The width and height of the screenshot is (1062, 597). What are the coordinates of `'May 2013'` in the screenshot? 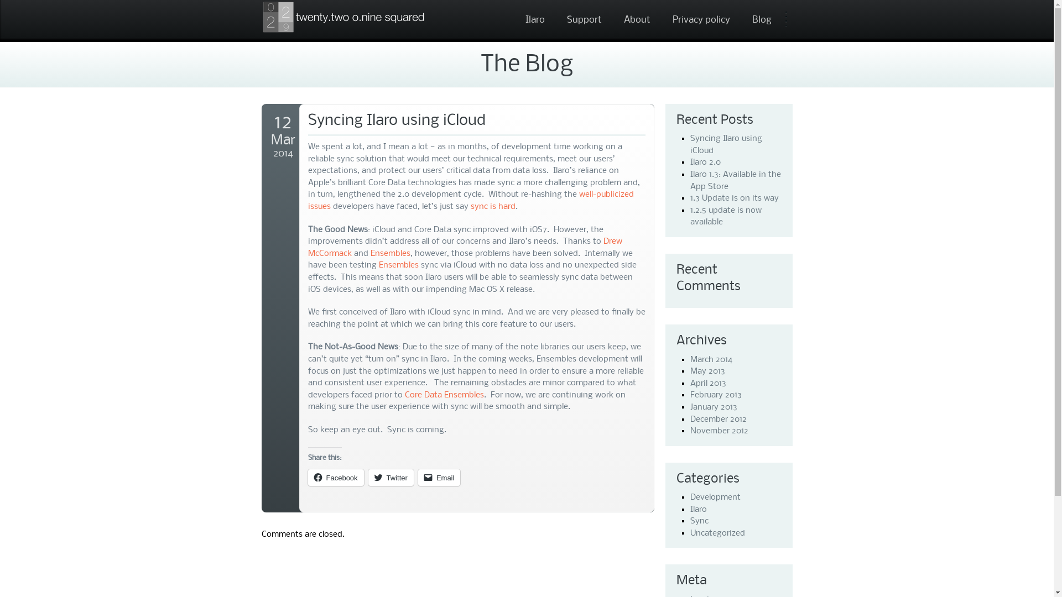 It's located at (690, 371).